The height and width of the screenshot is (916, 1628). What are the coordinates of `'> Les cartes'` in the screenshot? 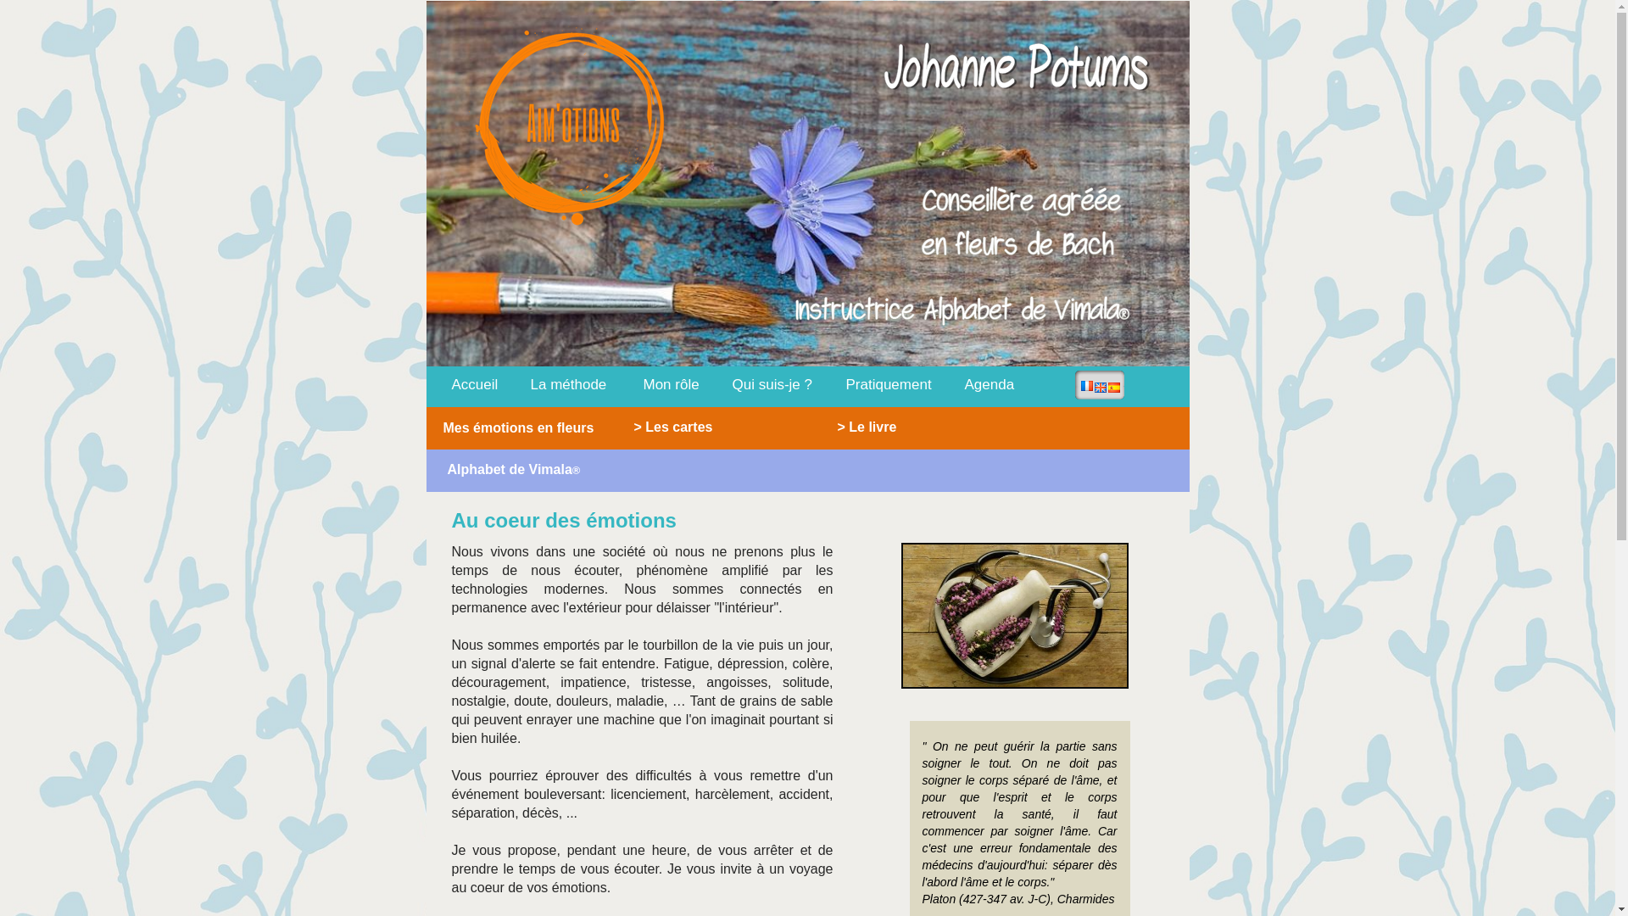 It's located at (705, 424).